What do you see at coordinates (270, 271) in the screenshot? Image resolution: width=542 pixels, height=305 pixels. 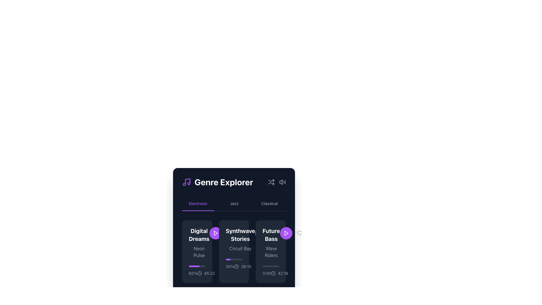 I see `the static text component displaying '0:00' next to the decorative clock icon in the bottom-left corner of the 'Future Bass' card under the 'Electronic' tab` at bounding box center [270, 271].